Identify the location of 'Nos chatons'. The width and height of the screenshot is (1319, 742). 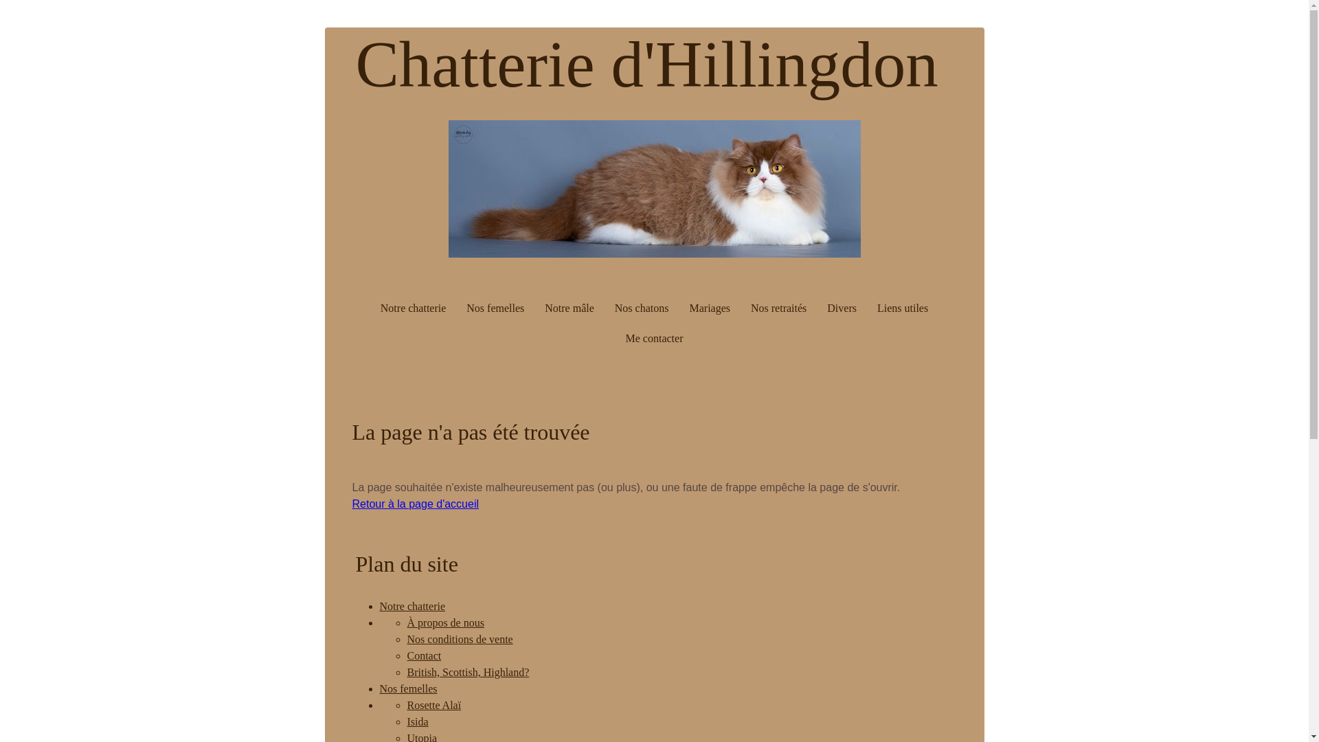
(641, 307).